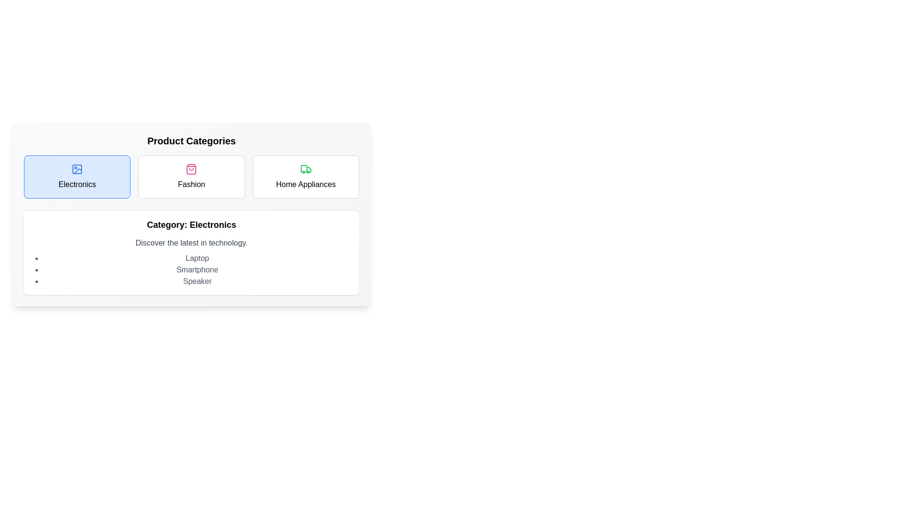 The image size is (921, 518). I want to click on the 'Fashion' category button located in the middle section of the product categories grid, flanked by the 'Electronics' button on the left and the 'Home Appliances' button on the right, so click(191, 177).